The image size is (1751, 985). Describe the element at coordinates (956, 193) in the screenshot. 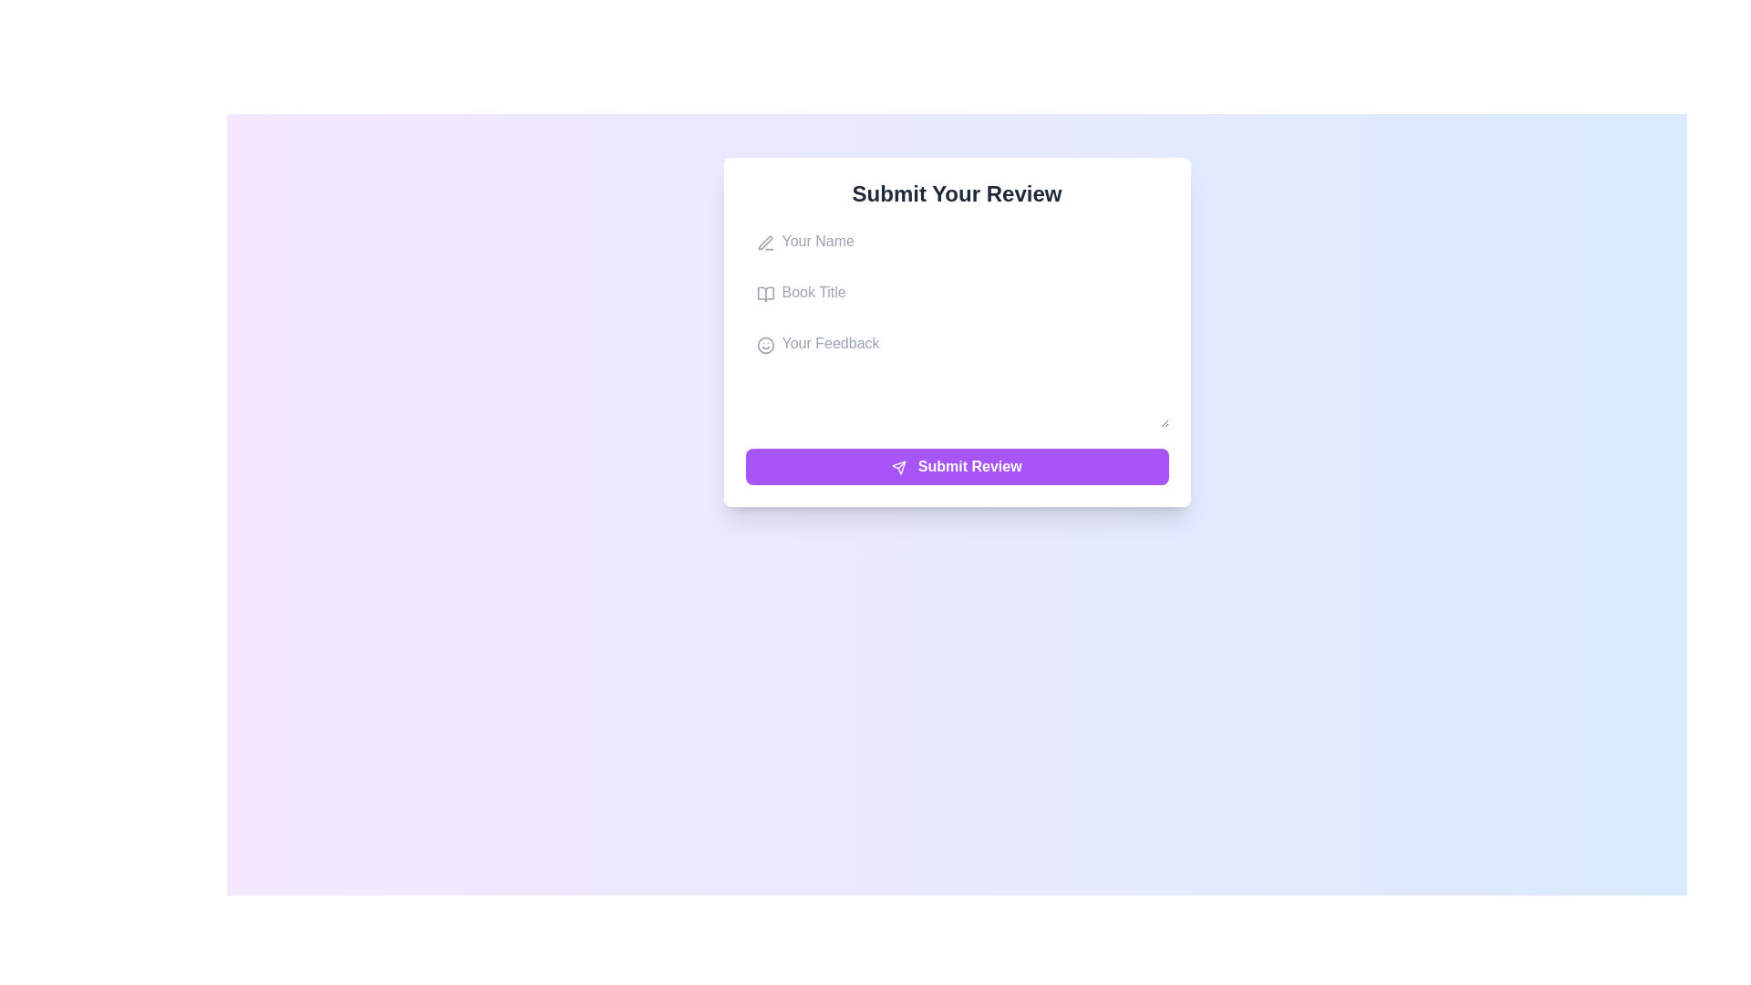

I see `the static text displaying 'Submit Your Review', which is styled with a bold, large font and is dark gray in color` at that location.